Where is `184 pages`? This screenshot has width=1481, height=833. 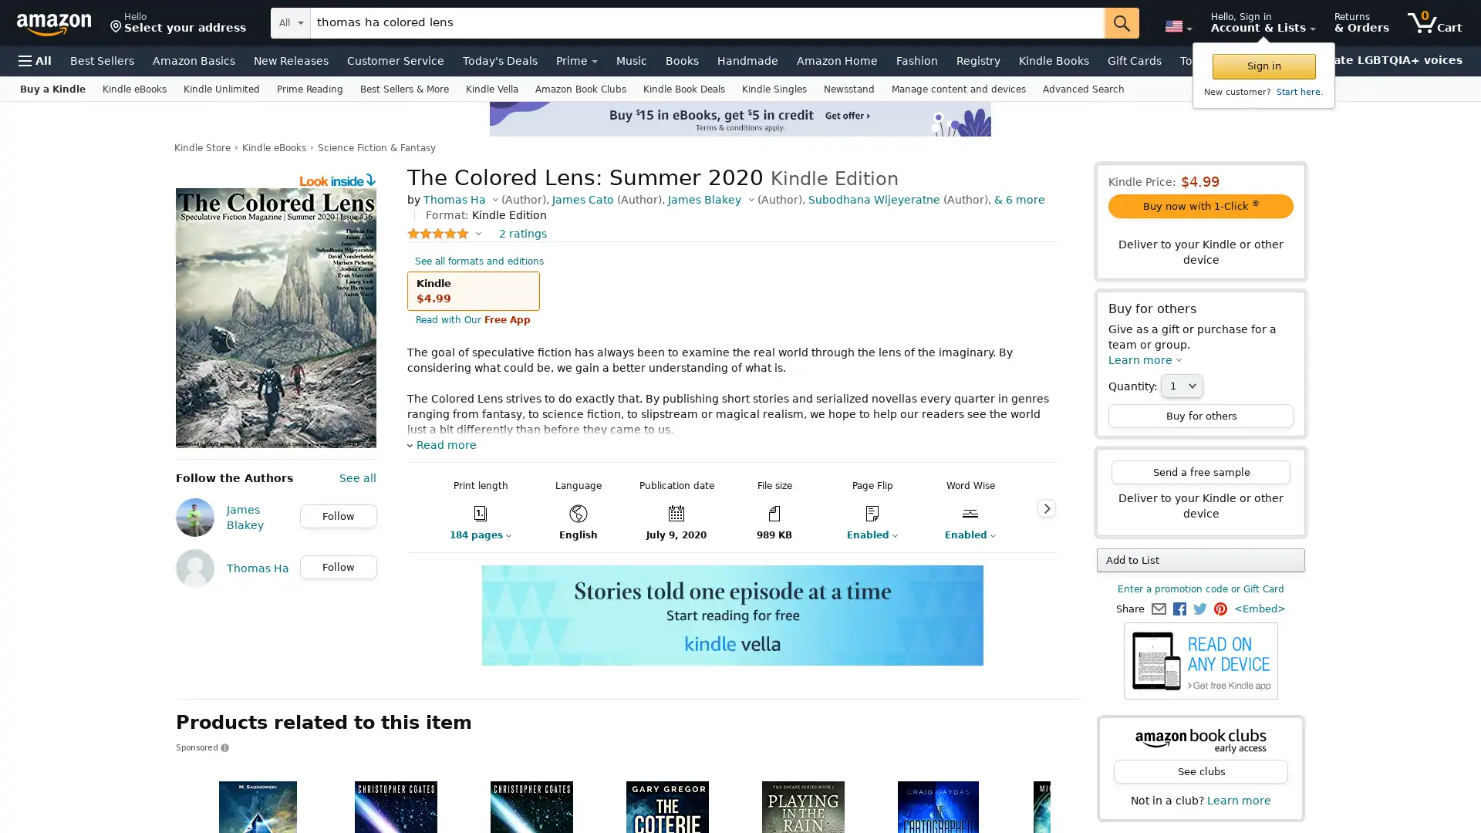
184 pages is located at coordinates (479, 535).